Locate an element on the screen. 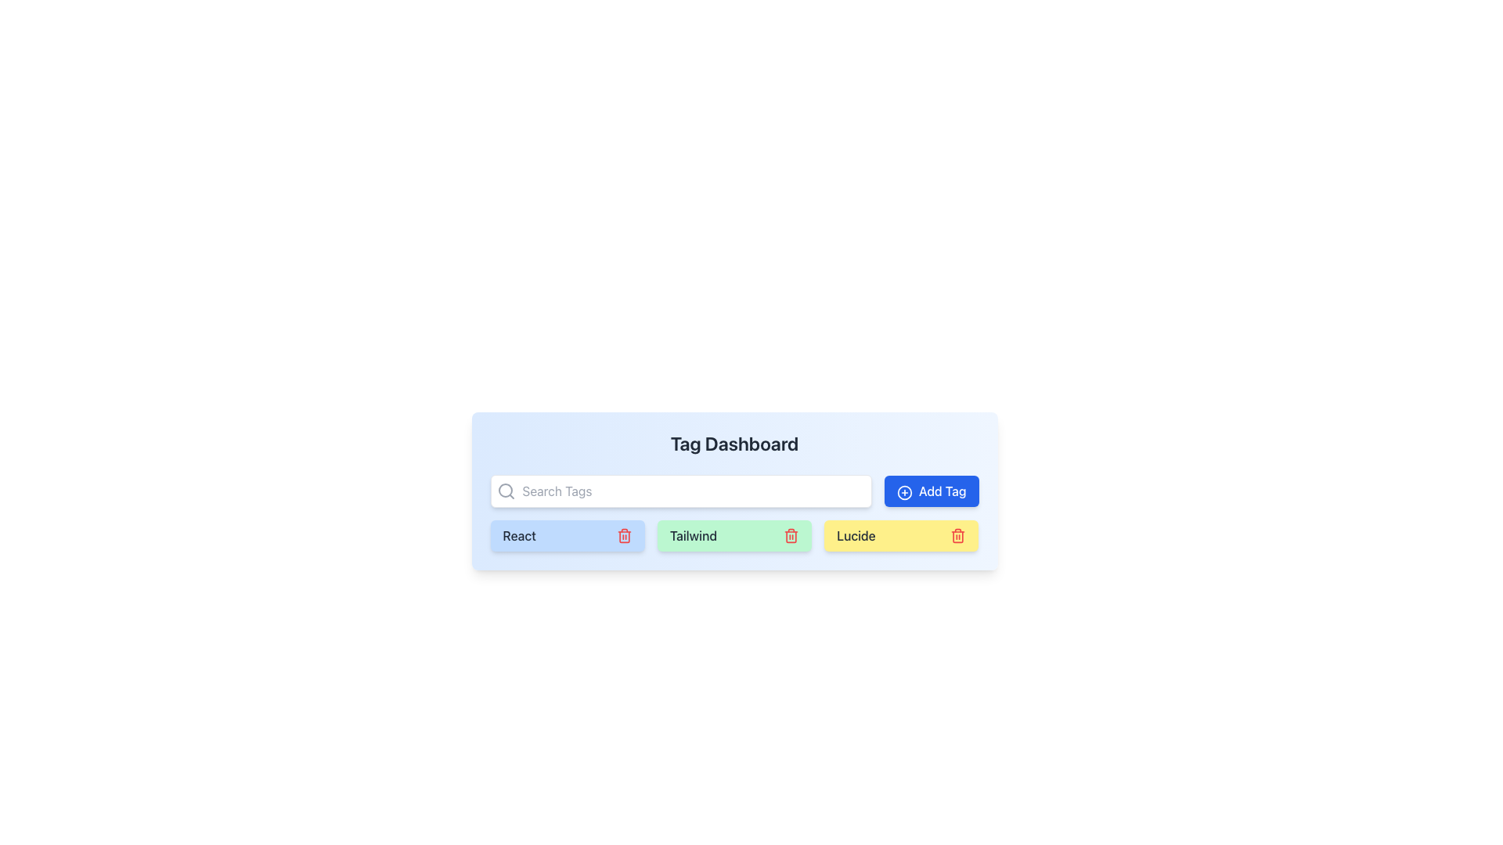 This screenshot has width=1503, height=845. the trash can icon within the yellow 'Lucide' tag located in the bottom row of the interface is located at coordinates (957, 536).